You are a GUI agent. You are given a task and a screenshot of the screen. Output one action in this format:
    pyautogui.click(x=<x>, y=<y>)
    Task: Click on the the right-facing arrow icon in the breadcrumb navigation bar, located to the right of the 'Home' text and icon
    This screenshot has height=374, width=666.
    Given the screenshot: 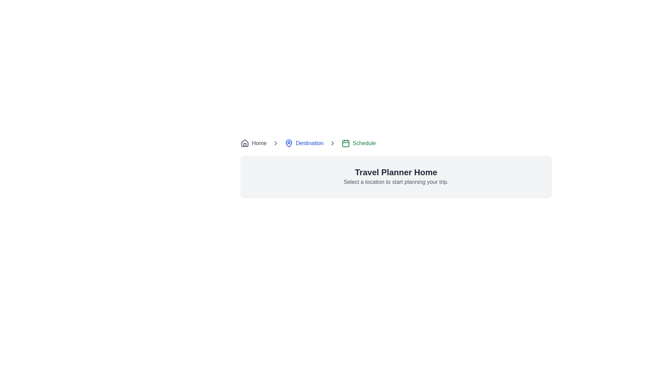 What is the action you would take?
    pyautogui.click(x=332, y=143)
    